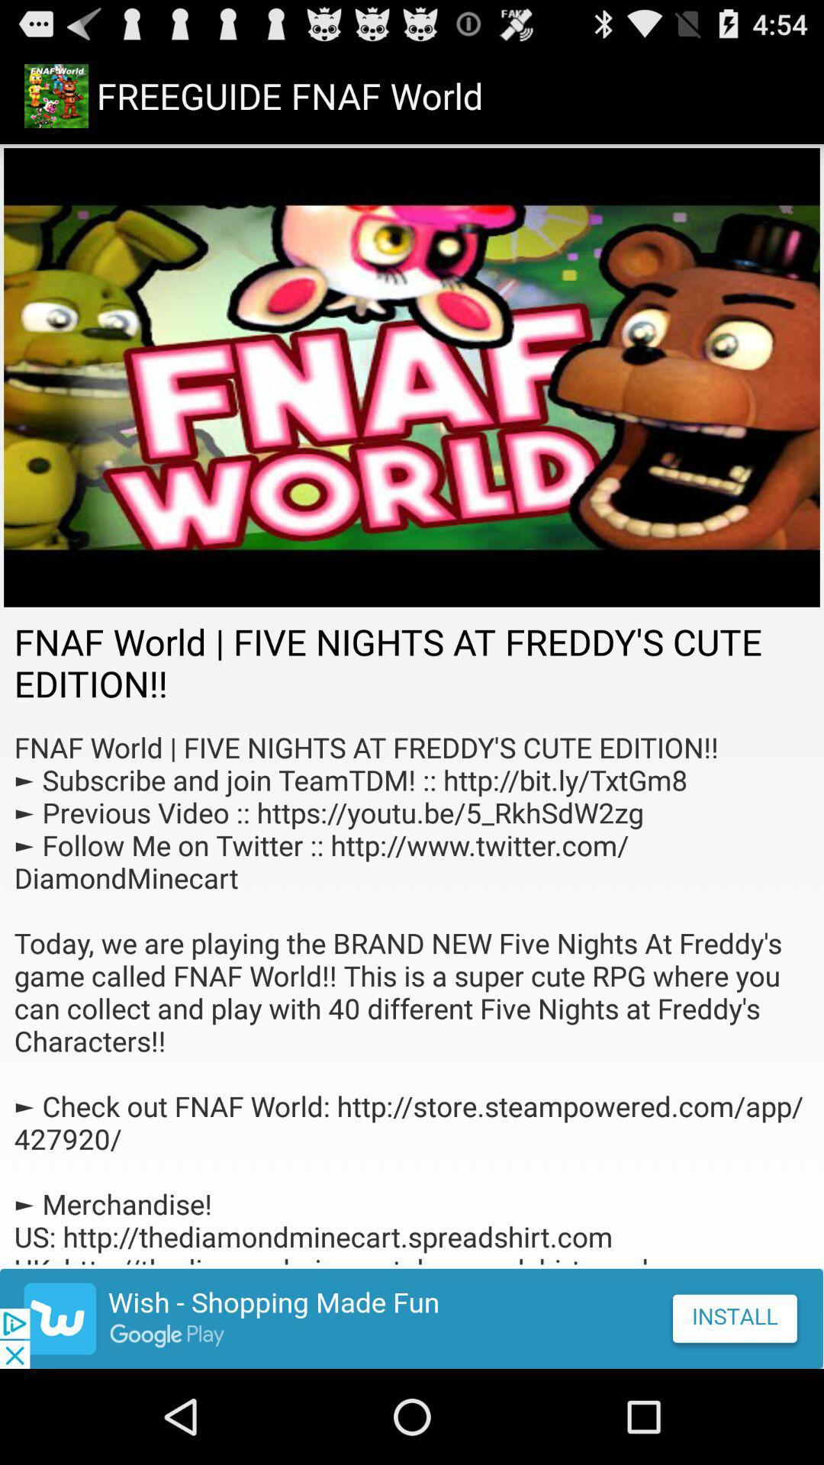  Describe the element at coordinates (412, 1318) in the screenshot. I see `advertisement link` at that location.